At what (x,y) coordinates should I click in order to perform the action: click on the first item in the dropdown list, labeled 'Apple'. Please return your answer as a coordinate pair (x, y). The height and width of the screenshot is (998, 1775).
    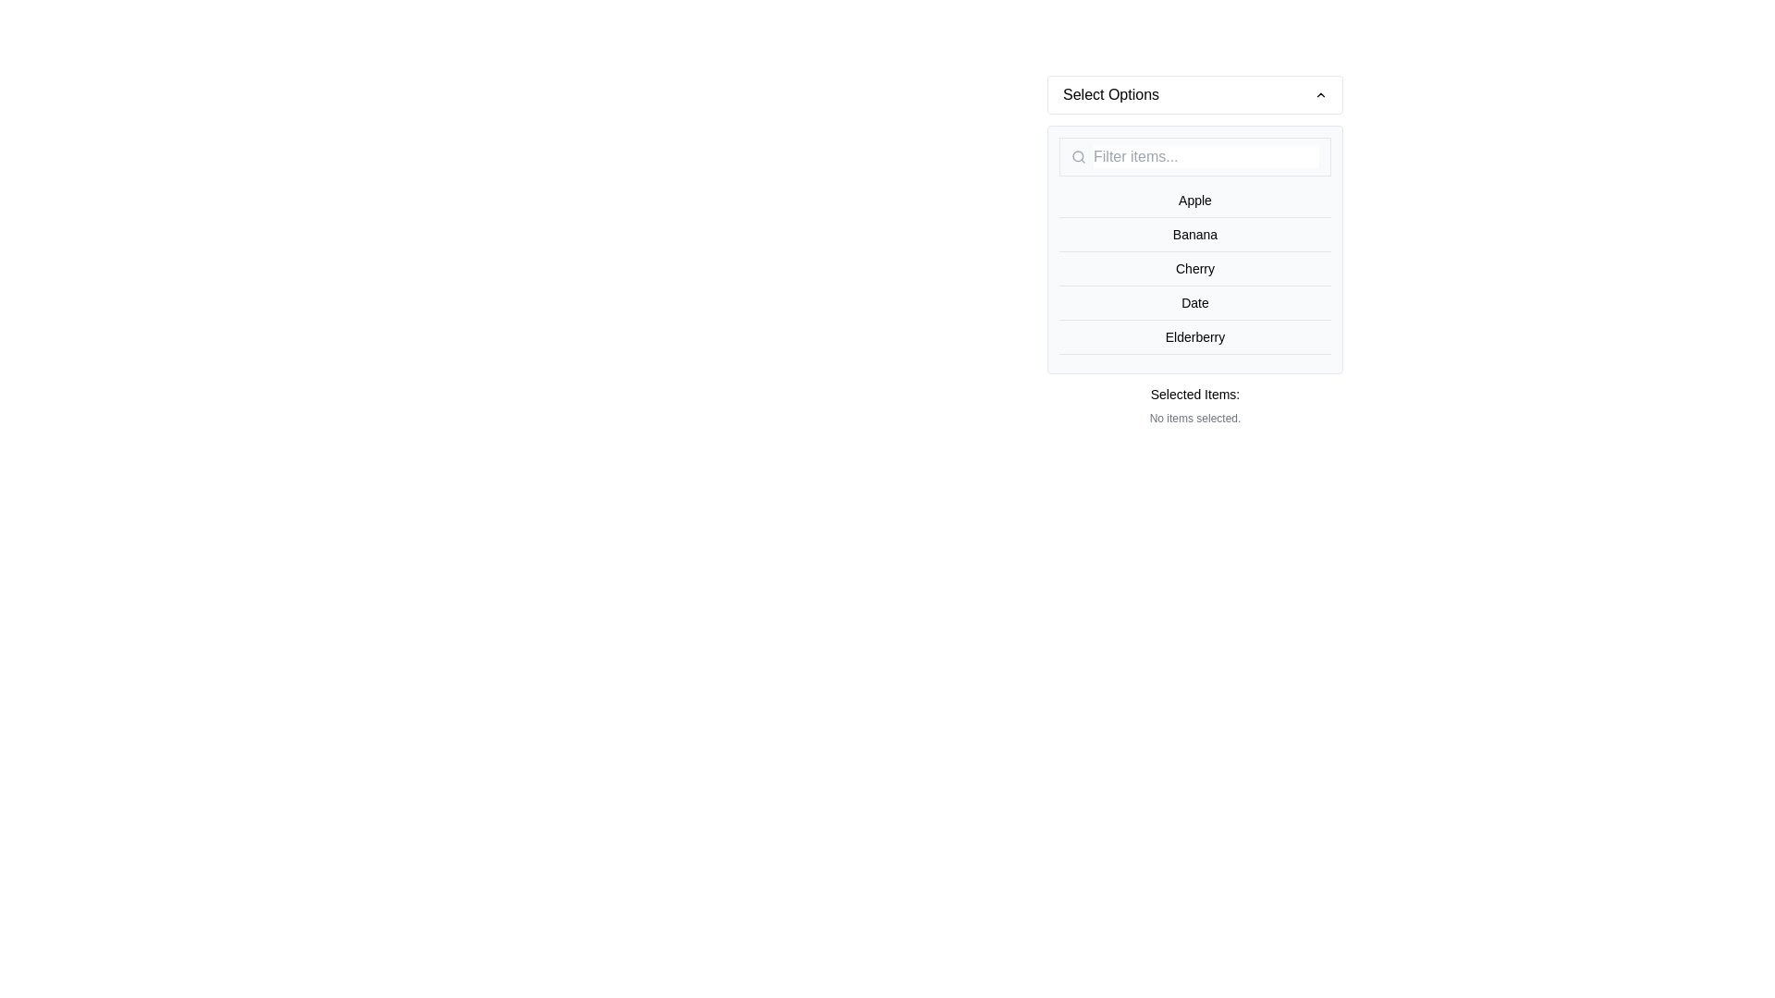
    Looking at the image, I should click on (1194, 201).